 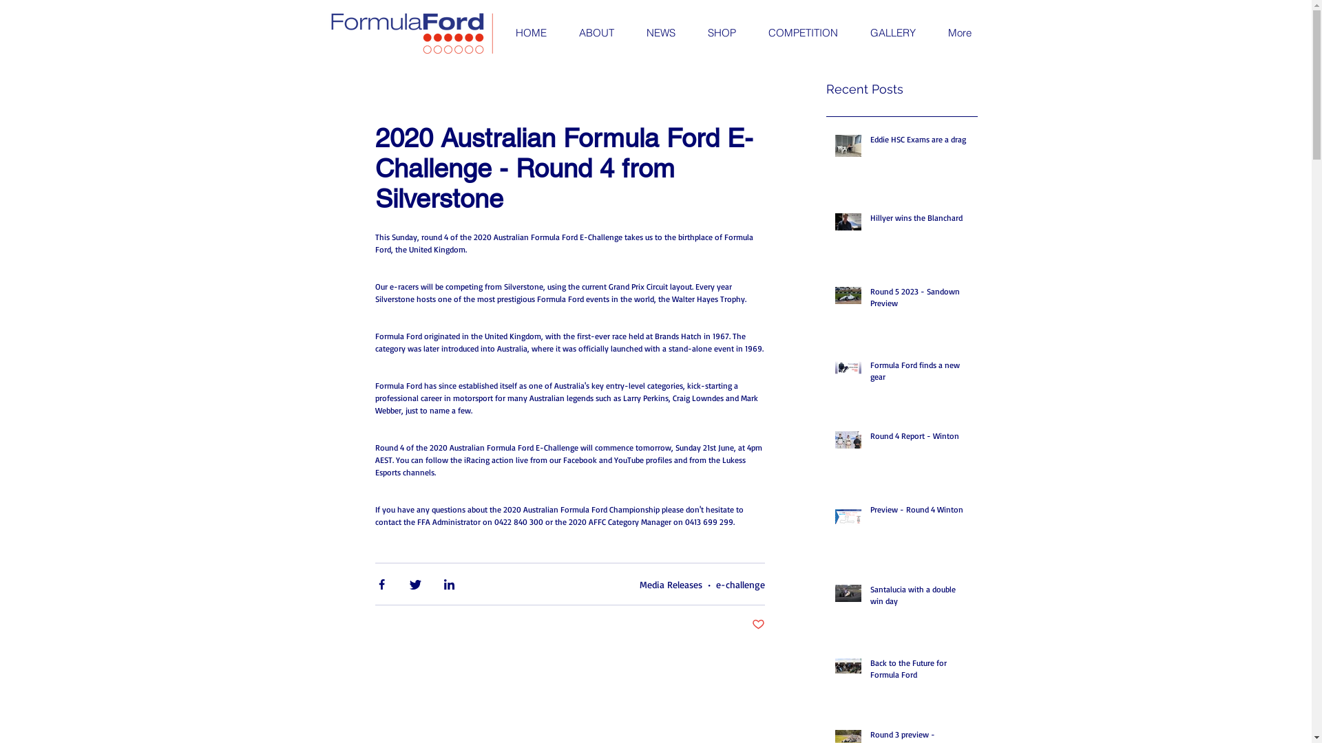 I want to click on 'Preview - Round 4 Winton', so click(x=869, y=513).